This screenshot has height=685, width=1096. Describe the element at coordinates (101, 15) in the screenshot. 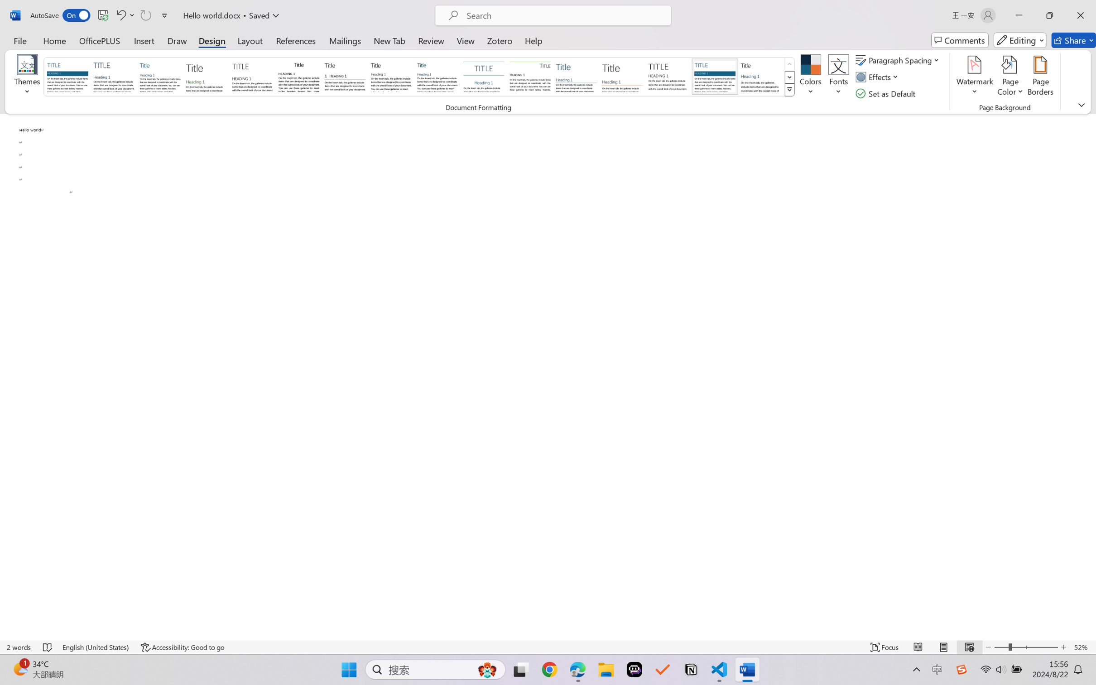

I see `'Quick Access Toolbar'` at that location.